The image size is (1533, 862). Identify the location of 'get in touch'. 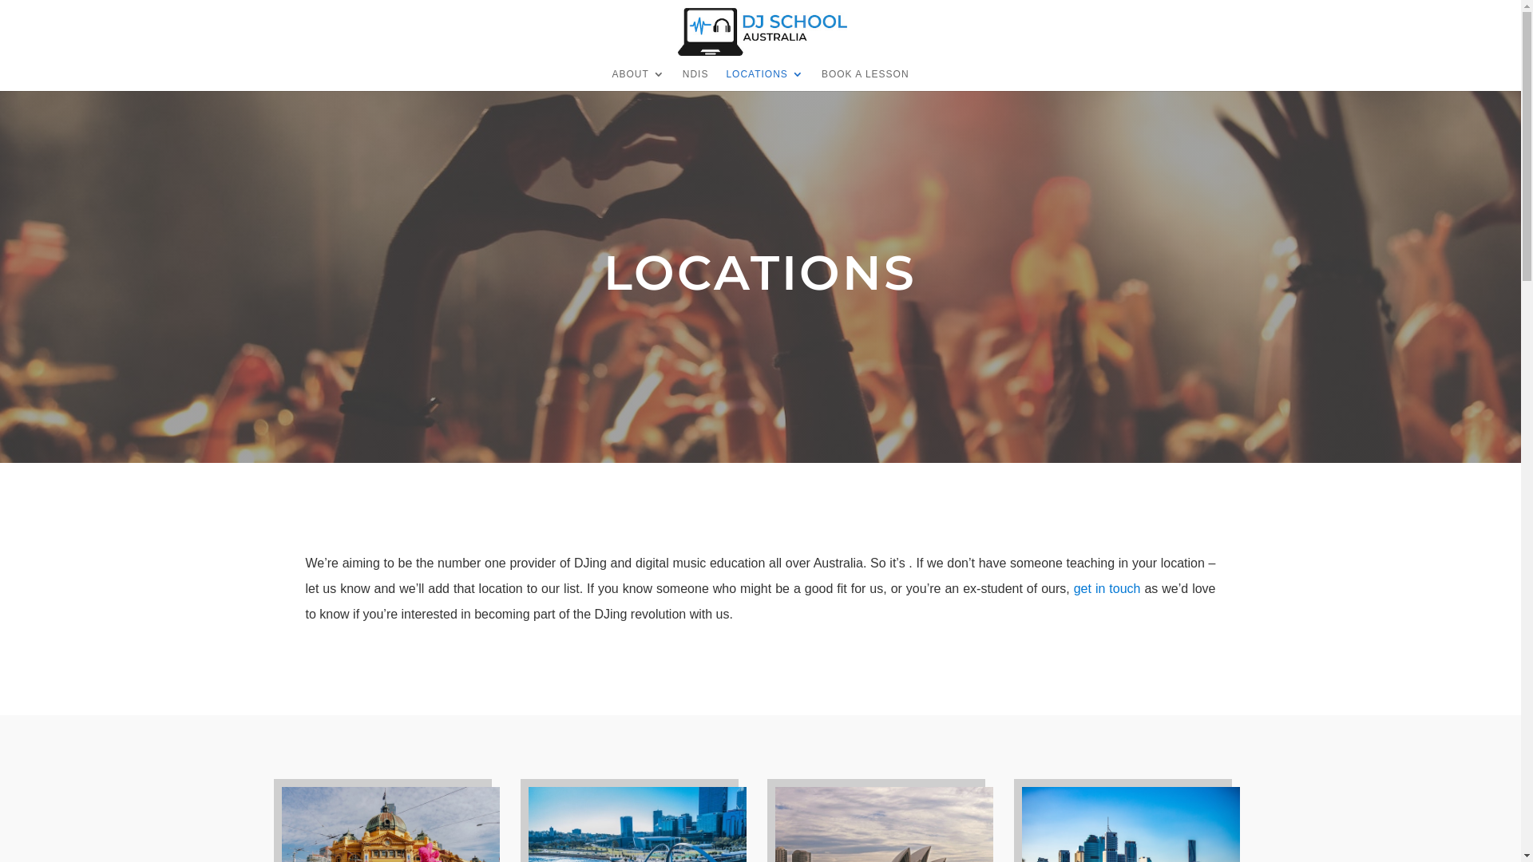
(1073, 588).